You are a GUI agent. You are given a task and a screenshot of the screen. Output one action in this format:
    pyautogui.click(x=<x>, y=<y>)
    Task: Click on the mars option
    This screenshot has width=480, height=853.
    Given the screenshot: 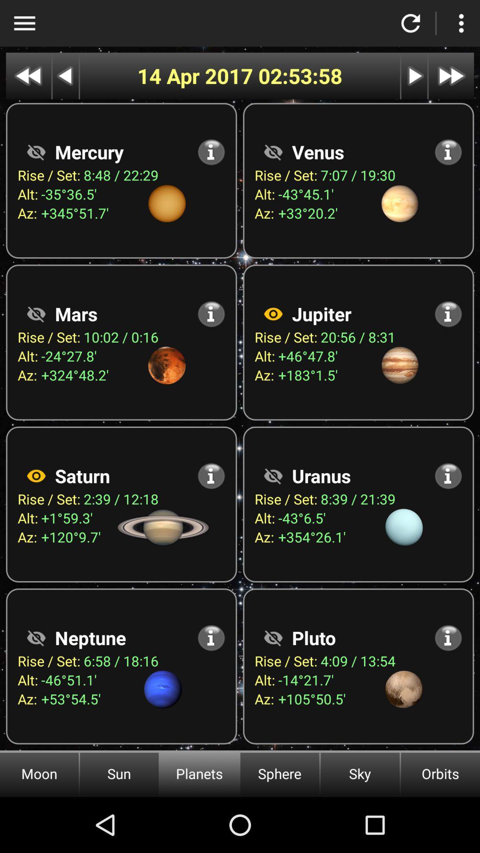 What is the action you would take?
    pyautogui.click(x=36, y=314)
    